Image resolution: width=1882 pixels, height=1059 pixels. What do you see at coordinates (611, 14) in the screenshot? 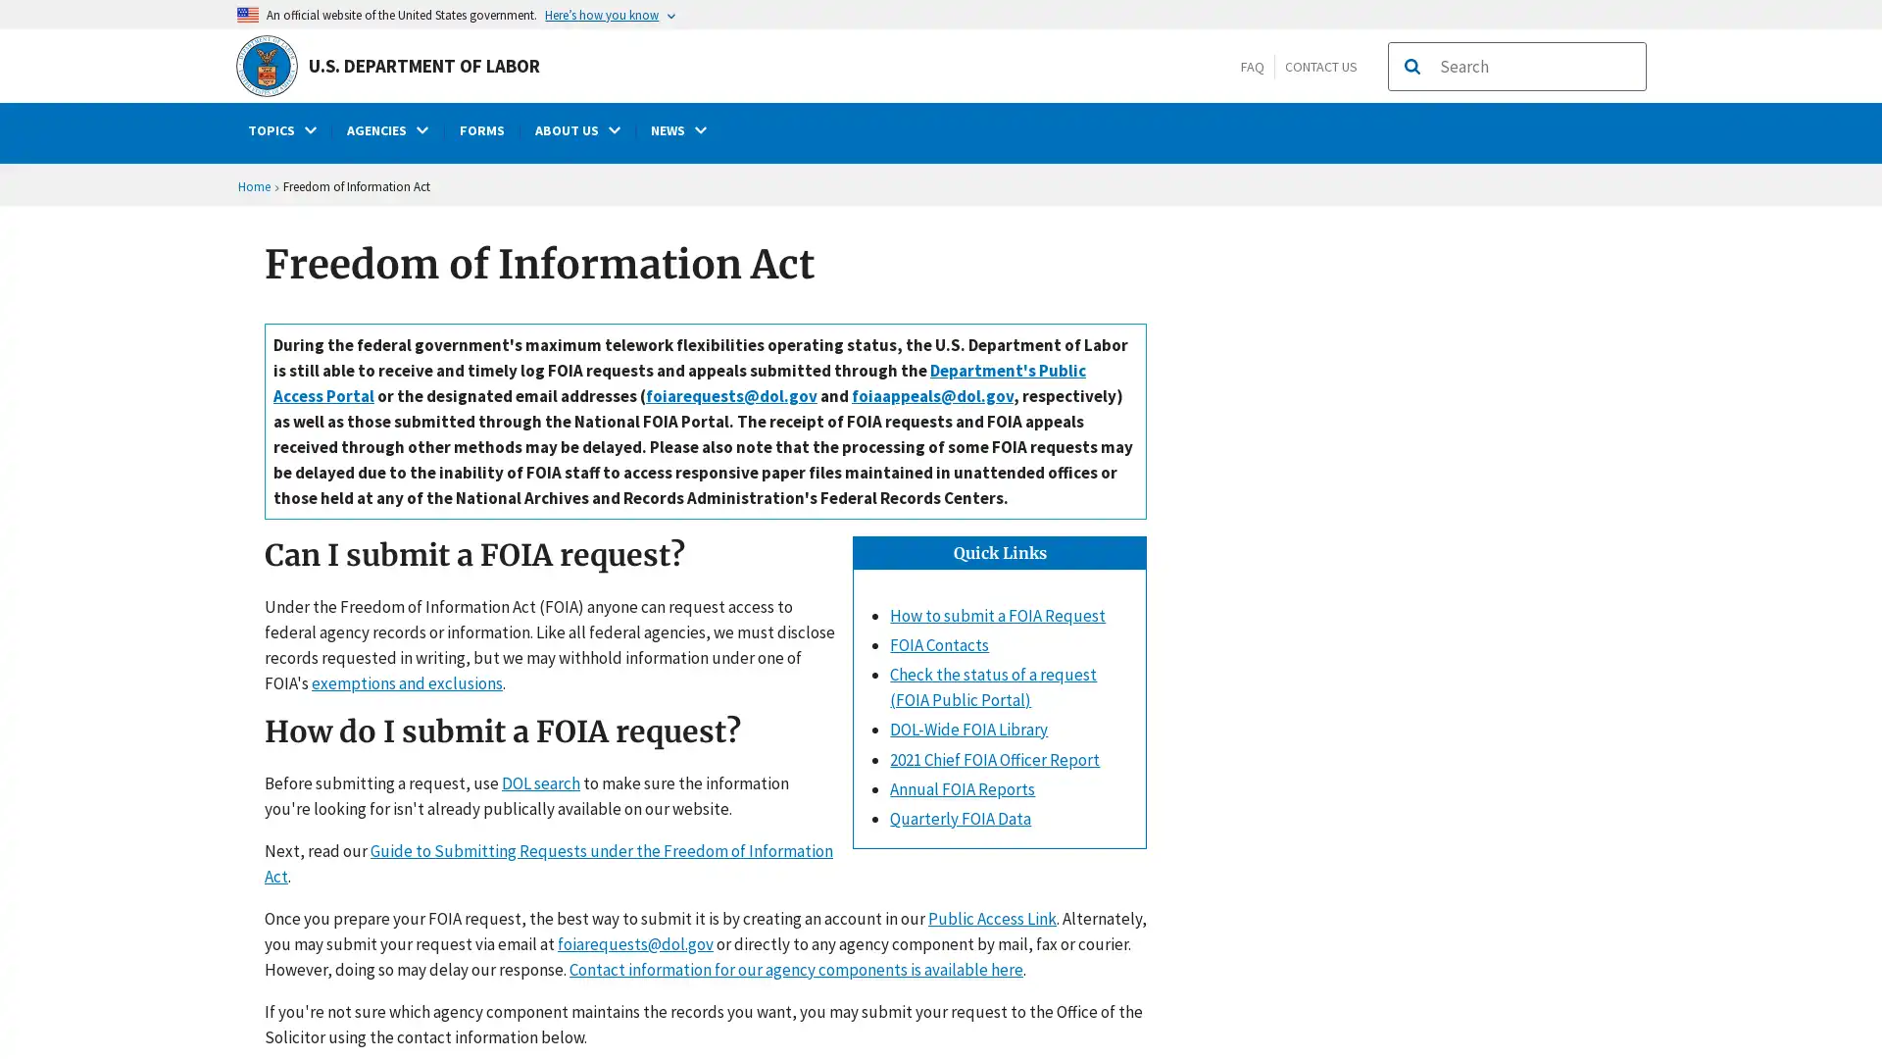
I see `Heres how you know` at bounding box center [611, 14].